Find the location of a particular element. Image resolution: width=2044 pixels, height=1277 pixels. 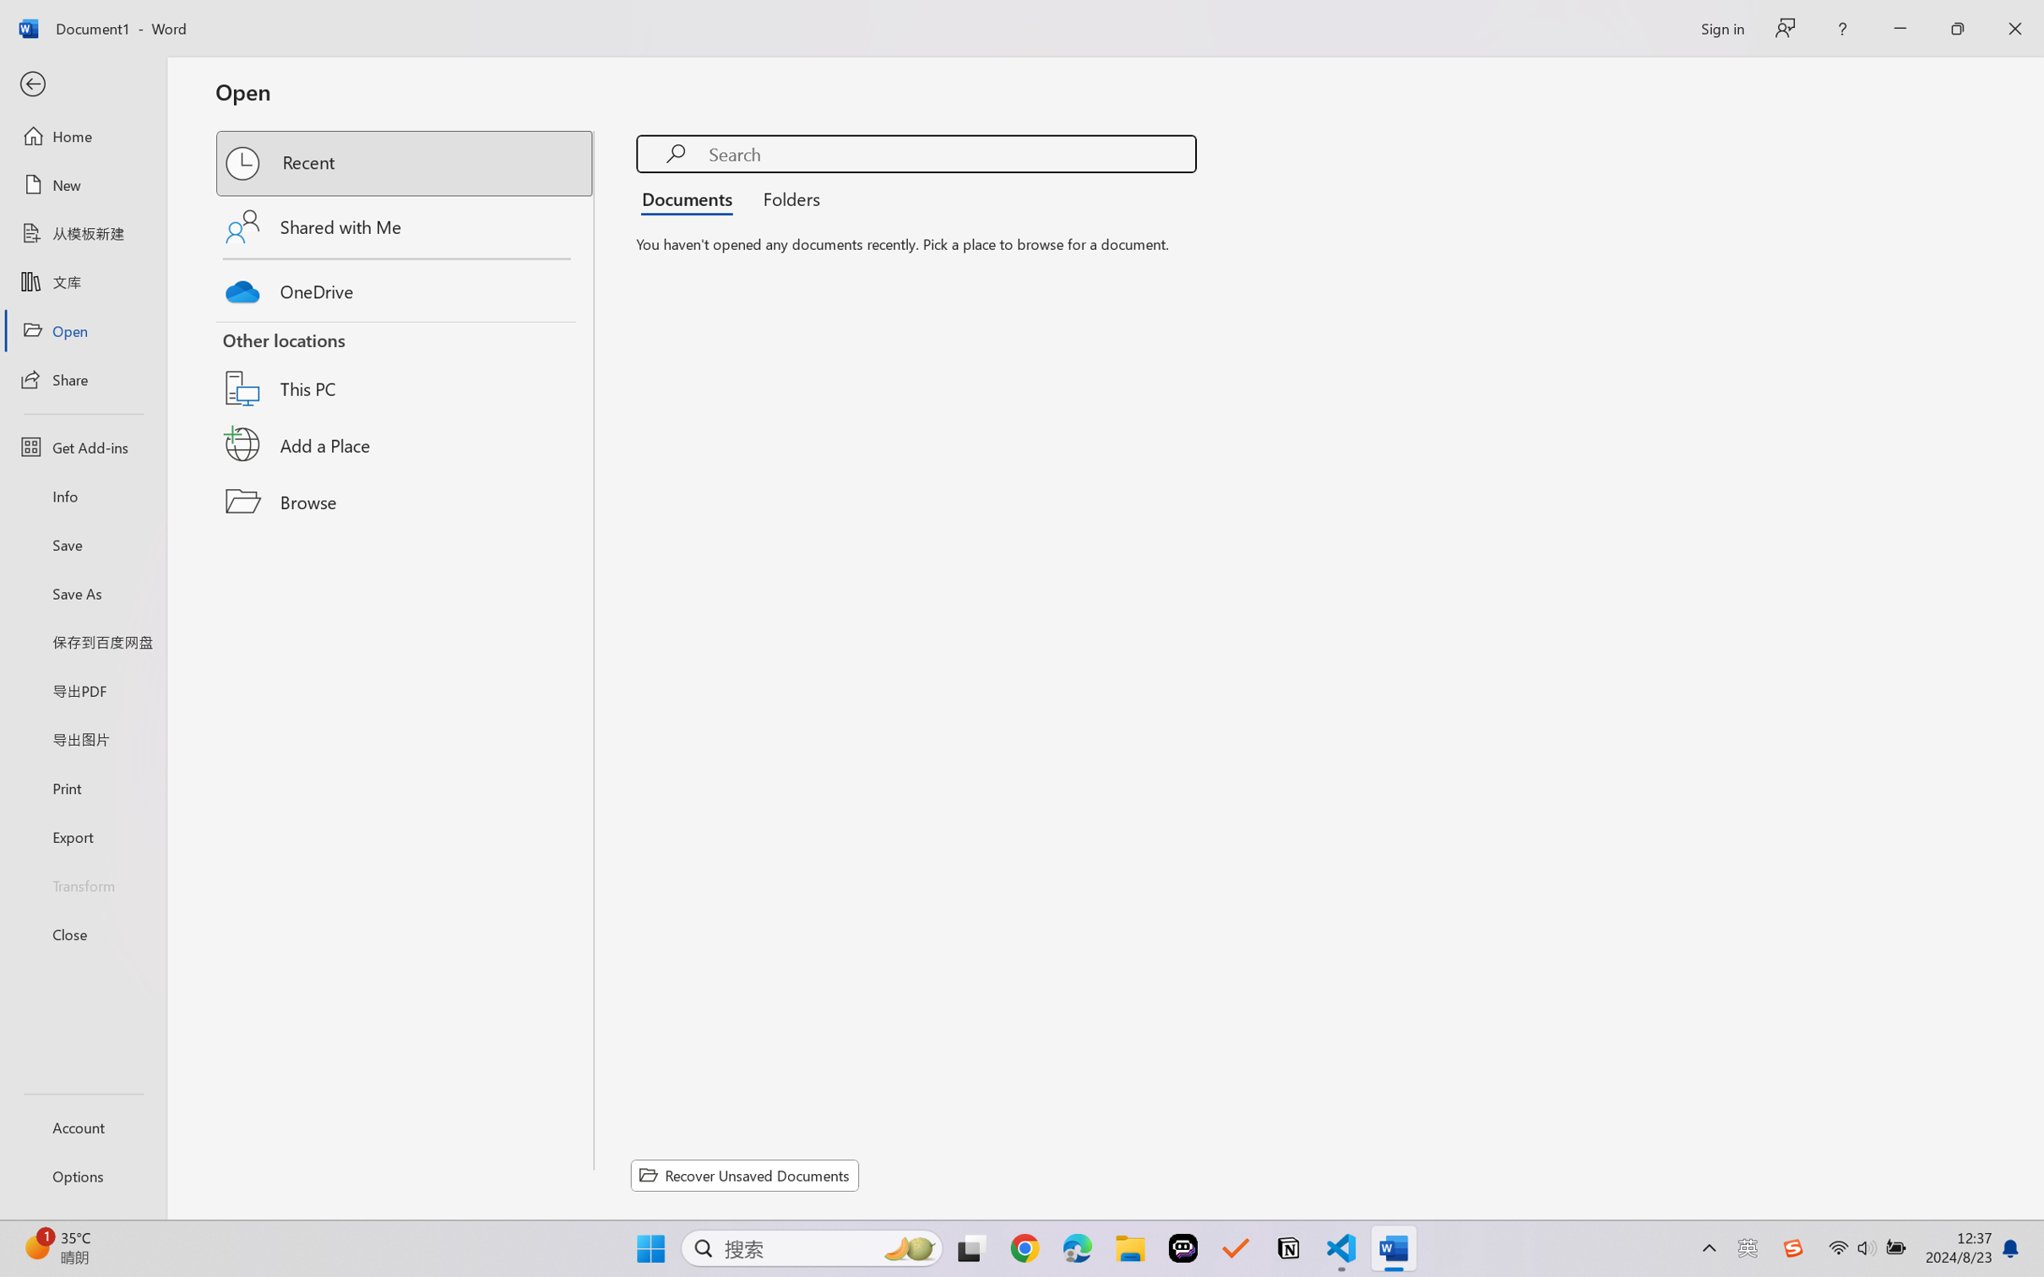

'OneDrive' is located at coordinates (405, 287).